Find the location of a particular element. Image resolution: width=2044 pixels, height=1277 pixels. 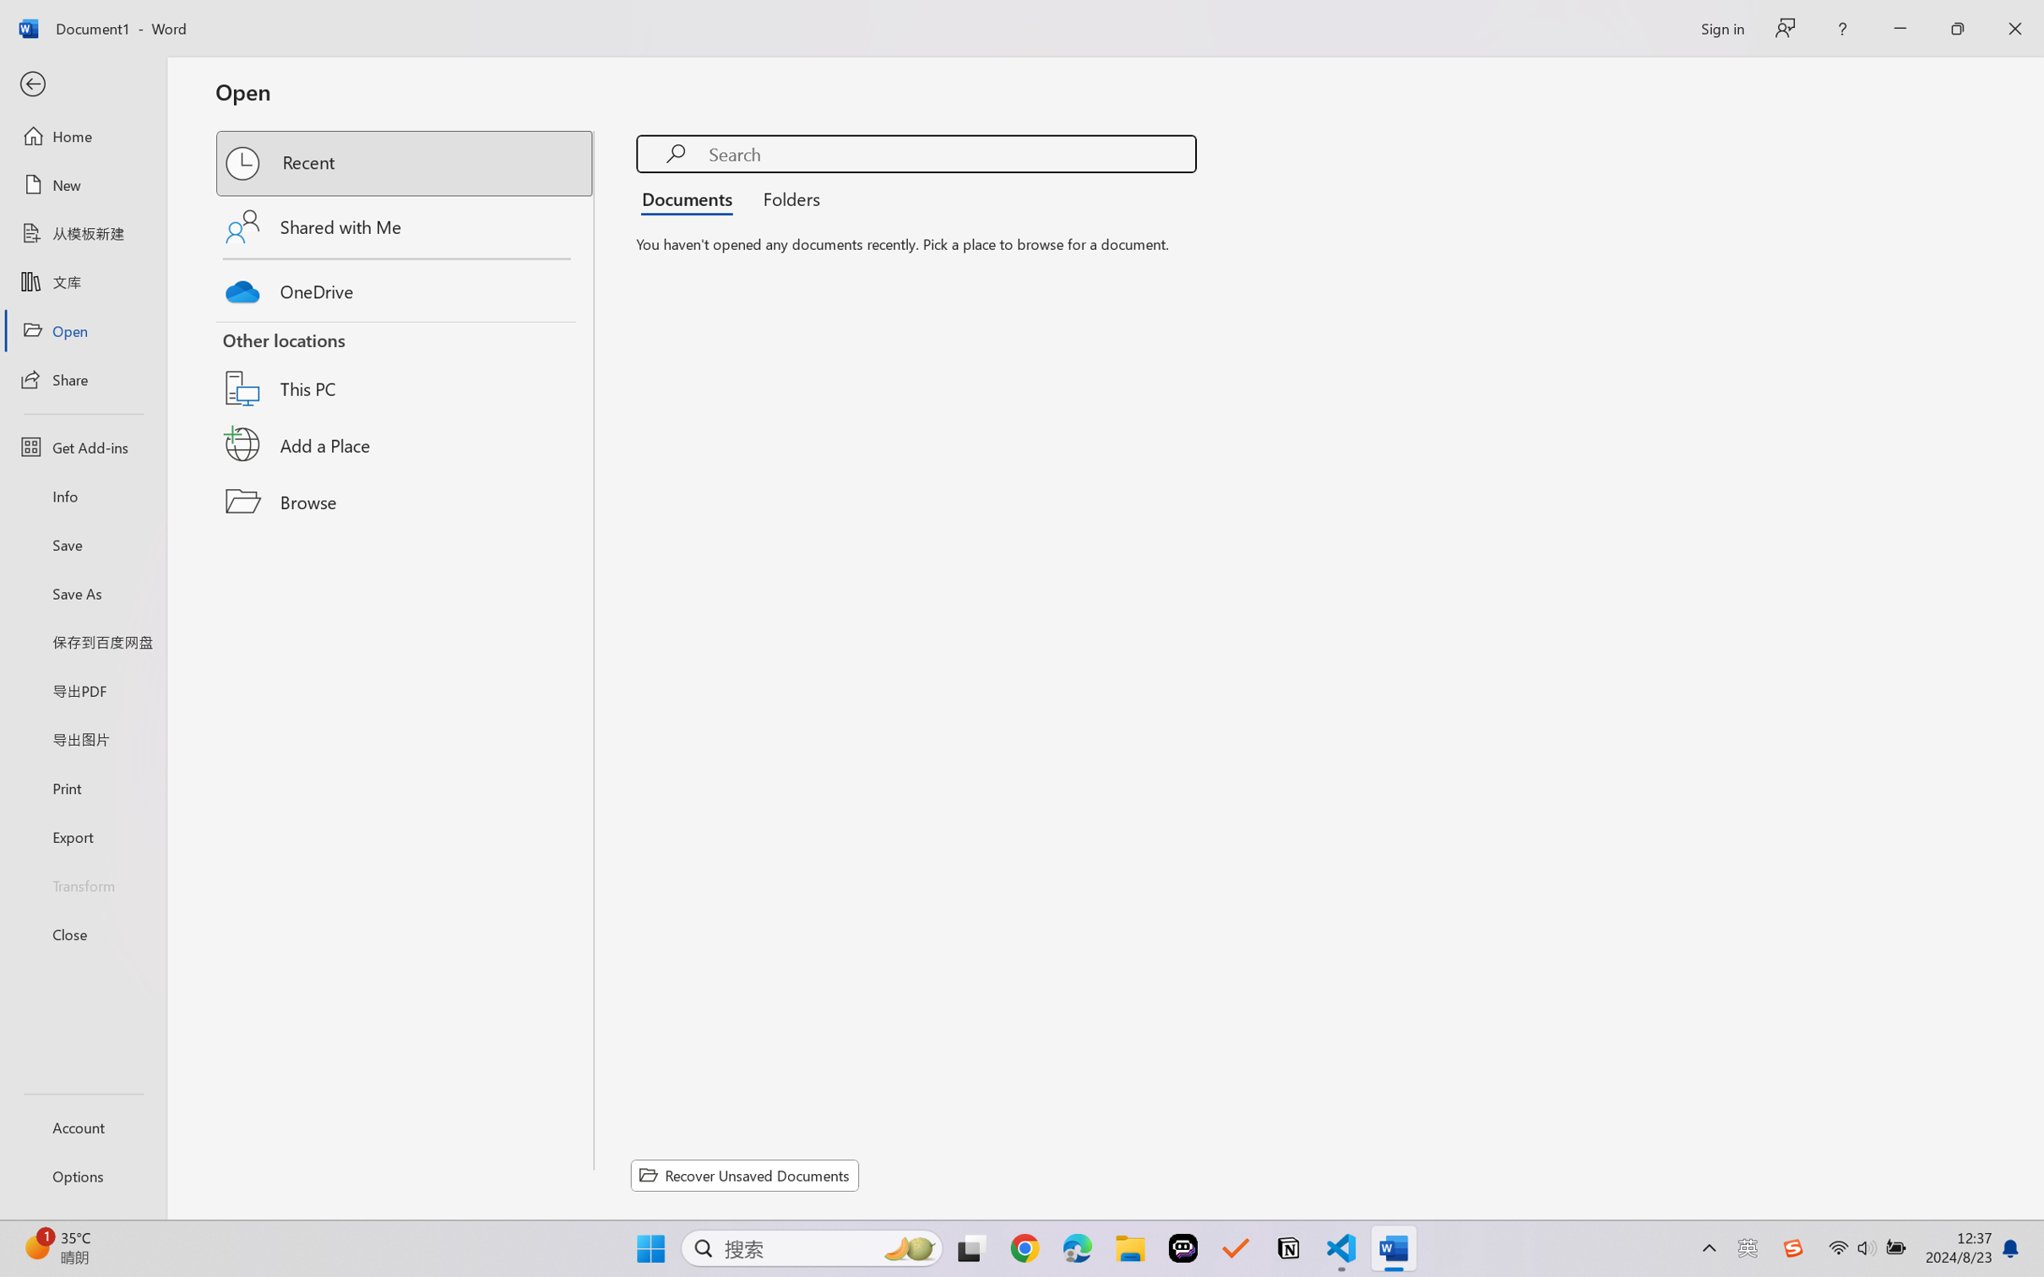

'OneDrive' is located at coordinates (405, 287).